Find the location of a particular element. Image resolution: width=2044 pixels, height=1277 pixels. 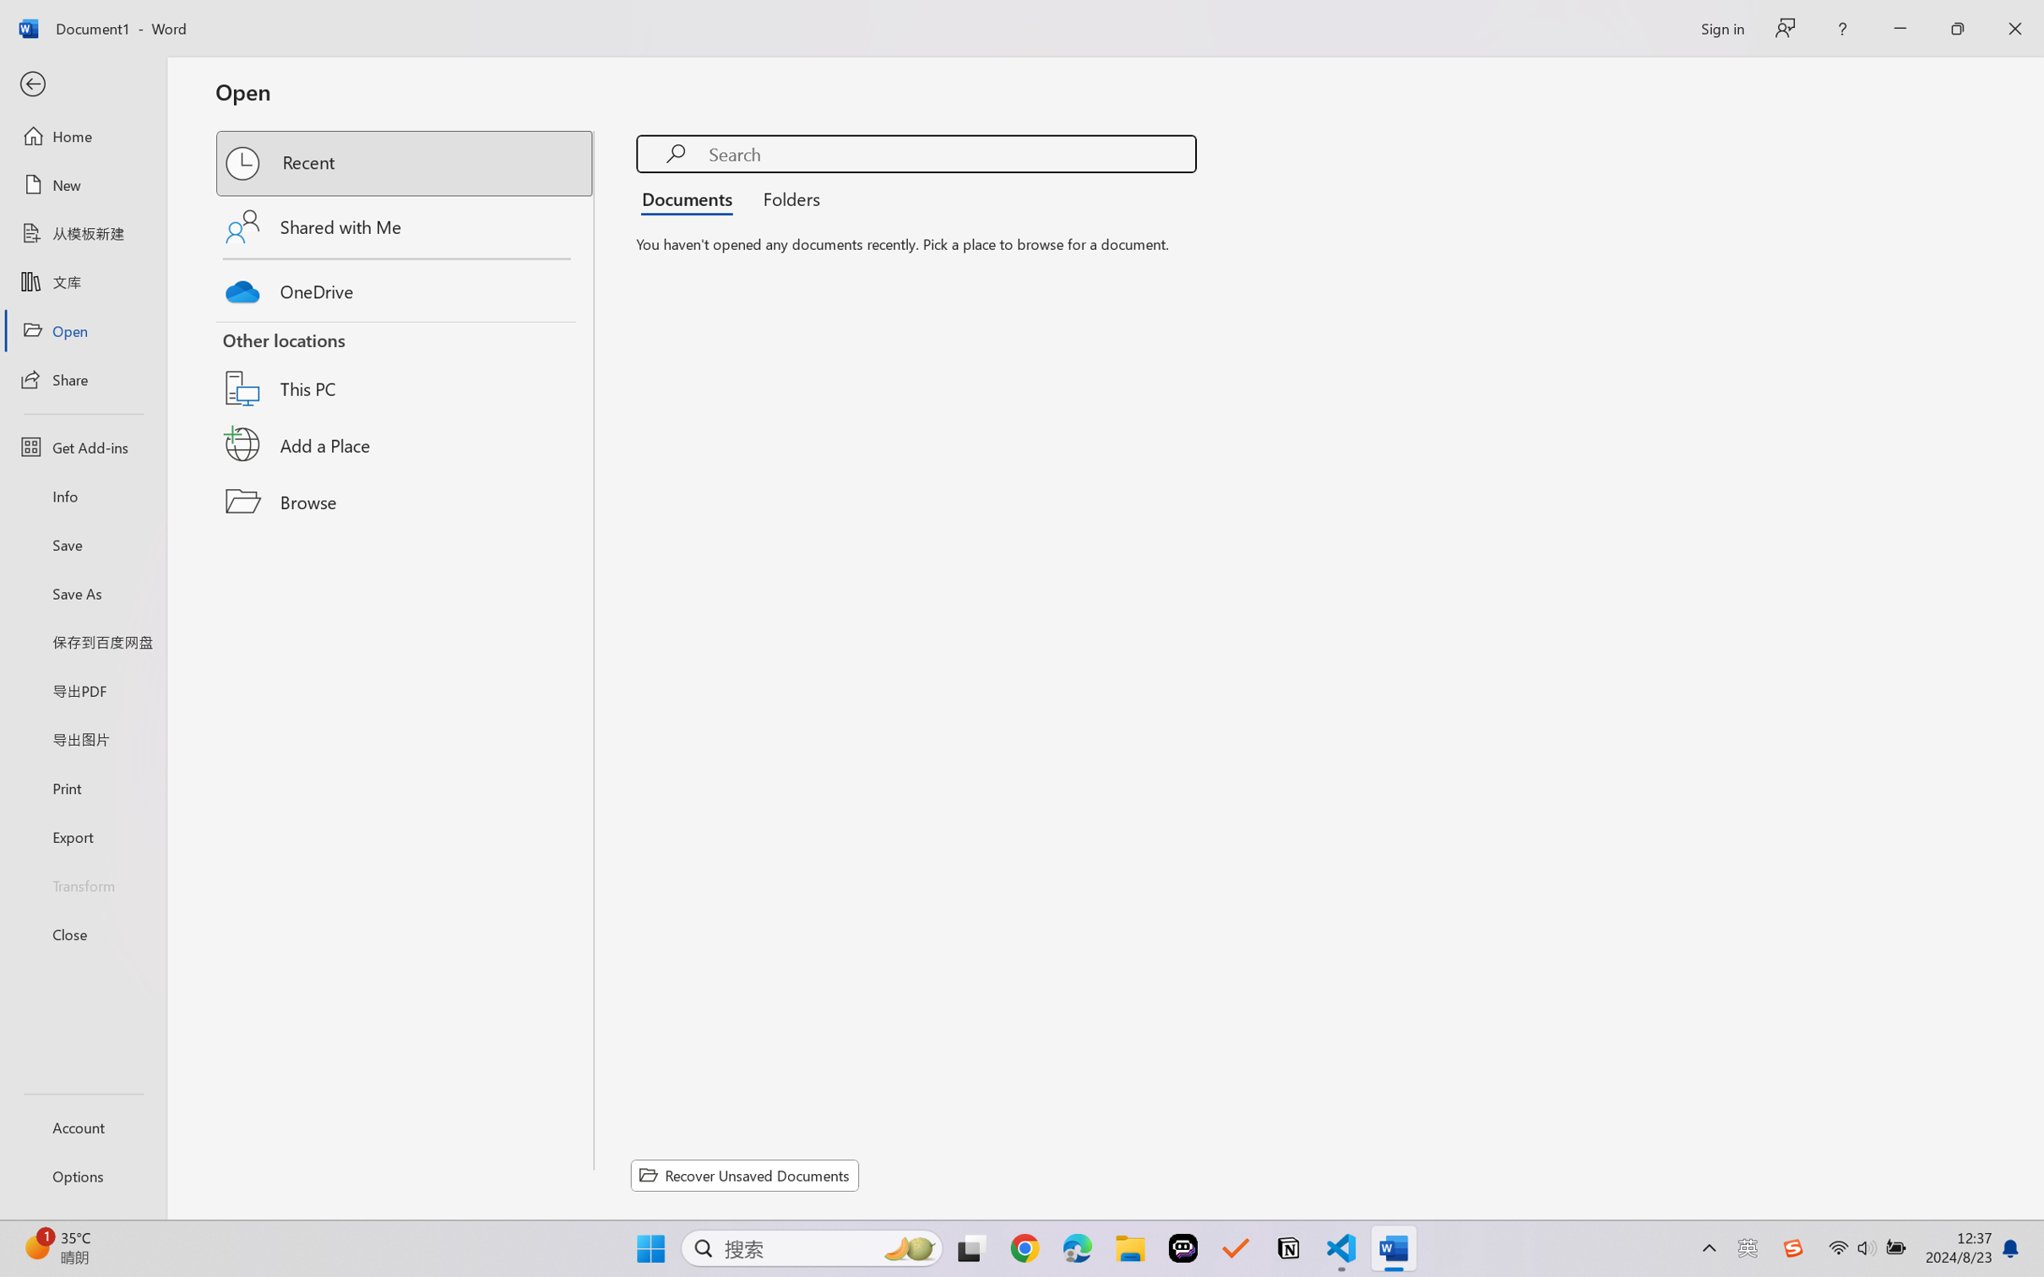

'OneDrive' is located at coordinates (405, 287).